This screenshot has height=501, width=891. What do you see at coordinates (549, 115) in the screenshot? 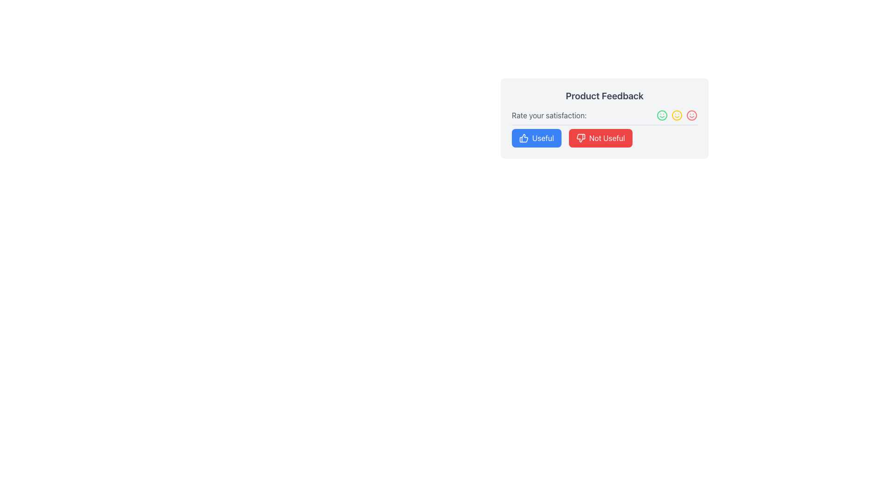
I see `the static text label element that reads 'Rate your satisfaction:', which is prominently positioned at the top of the feedback section` at bounding box center [549, 115].